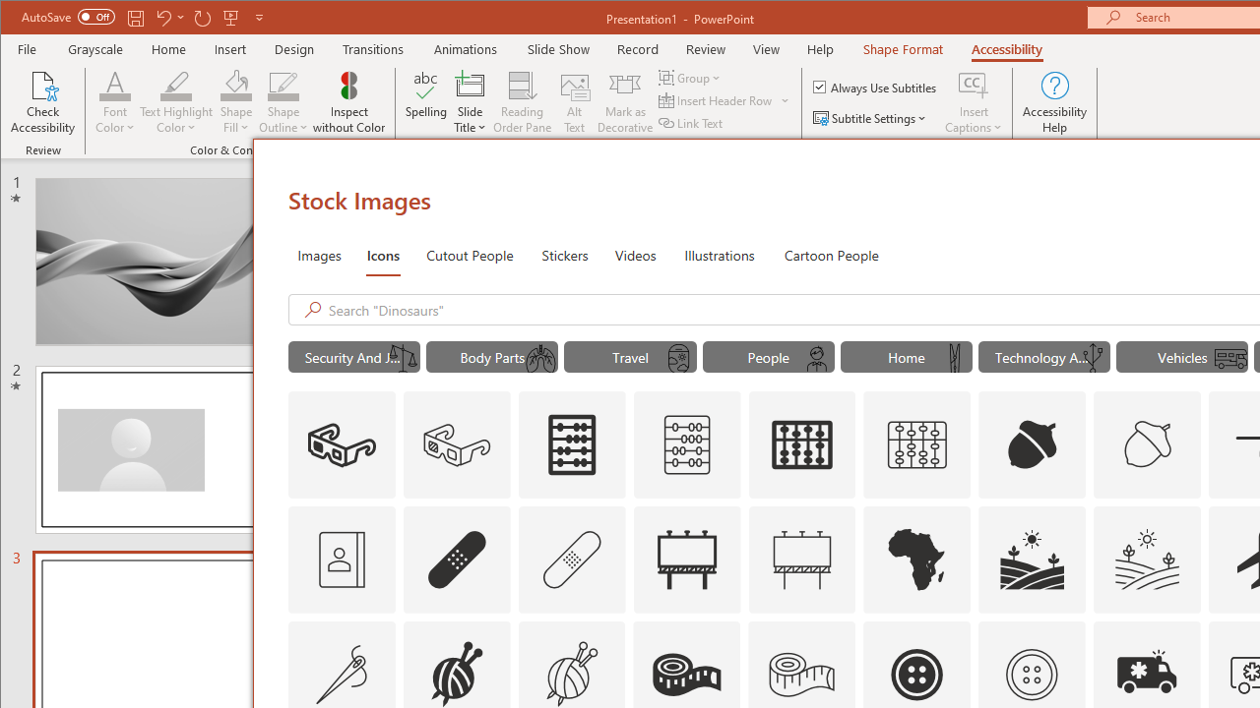 The image size is (1260, 708). What do you see at coordinates (571, 444) in the screenshot?
I see `'AutomationID: Icons_Abacus'` at bounding box center [571, 444].